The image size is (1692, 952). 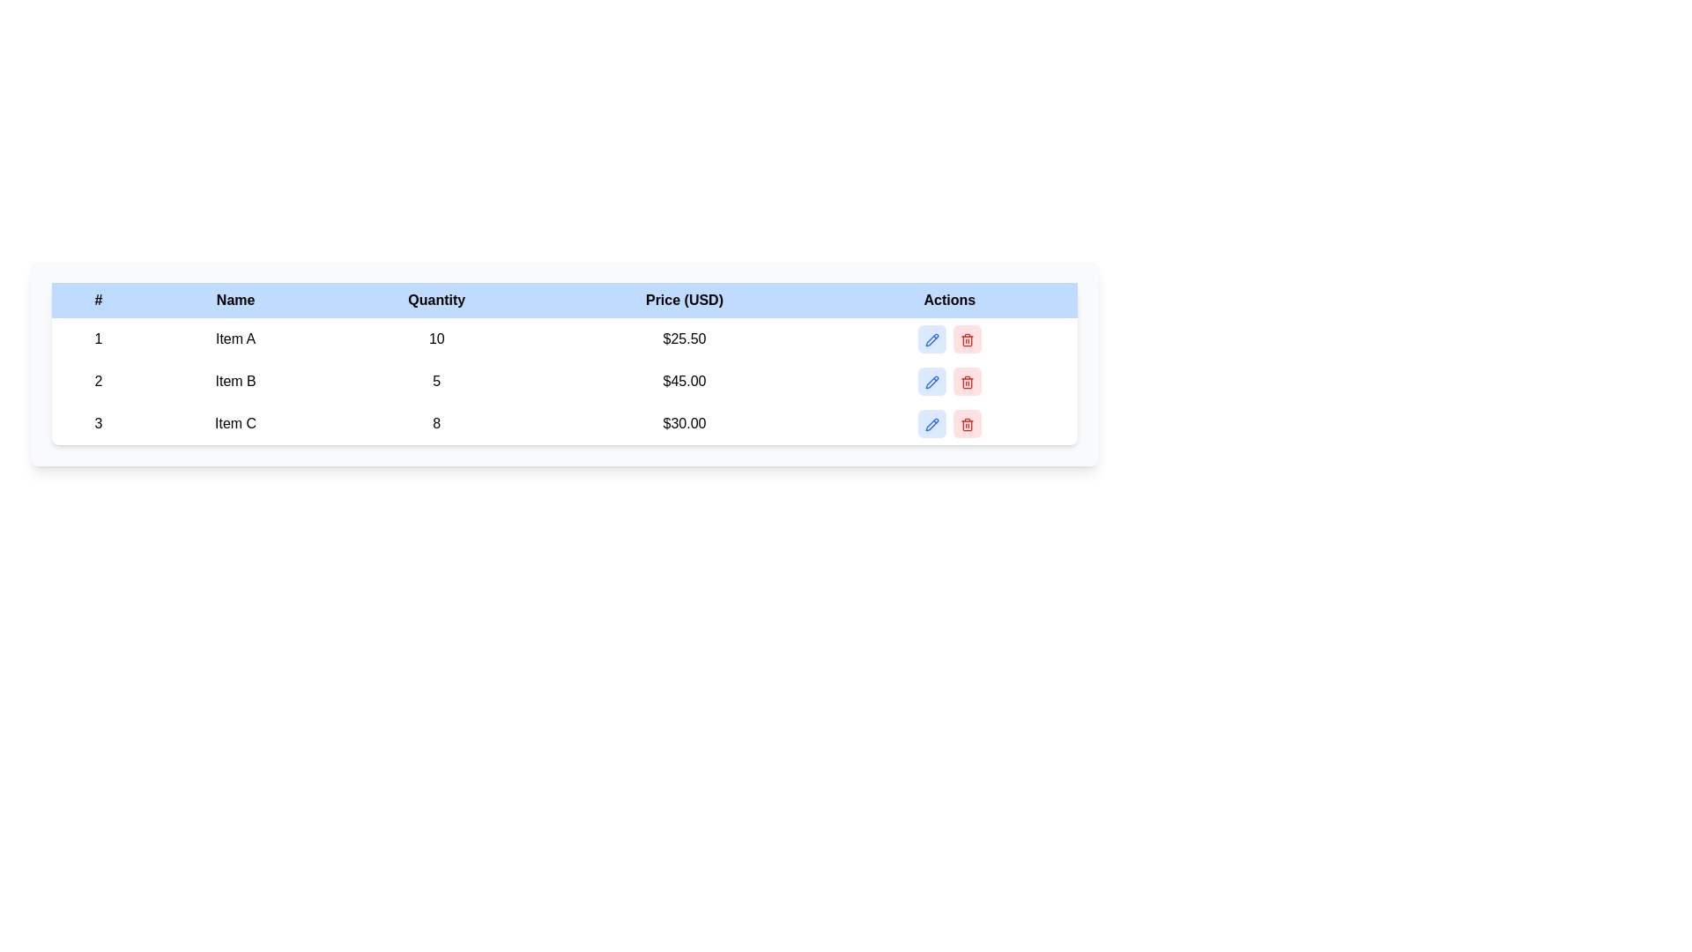 I want to click on the edit button in the Actions column of the first row of the table, which allows the user, so click(x=948, y=339).